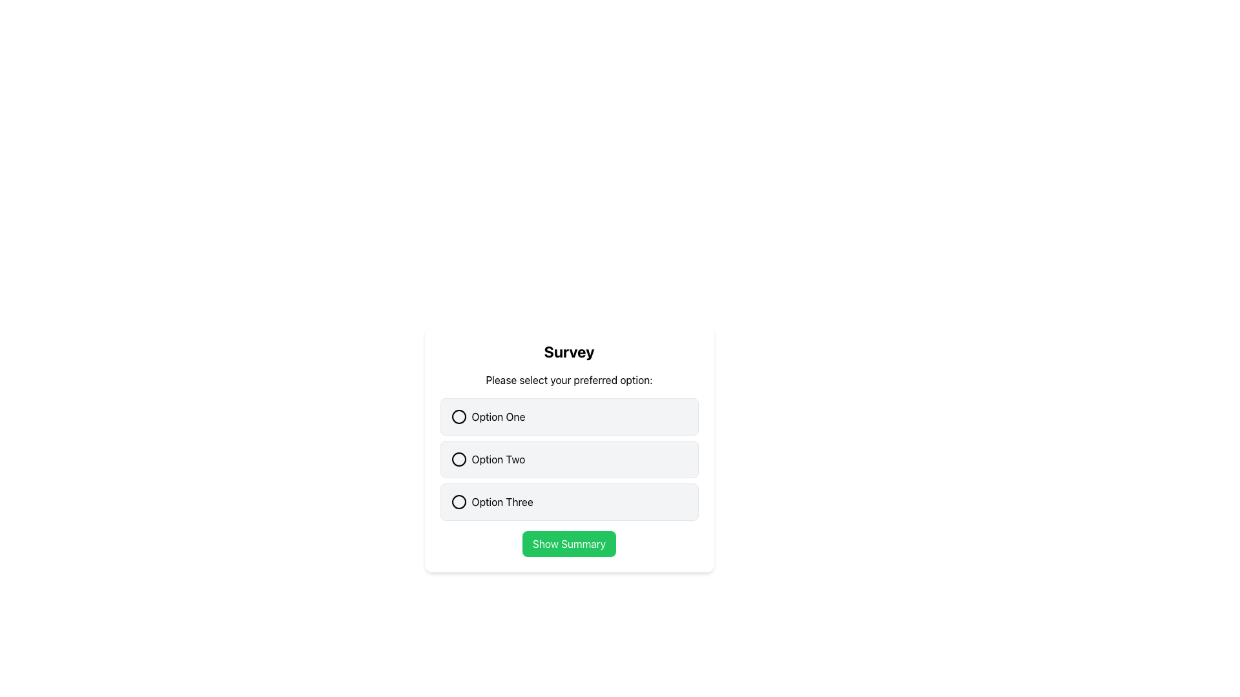  What do you see at coordinates (459, 459) in the screenshot?
I see `the circular radio button indicator located in the second option of the multiple-choice survey layout` at bounding box center [459, 459].